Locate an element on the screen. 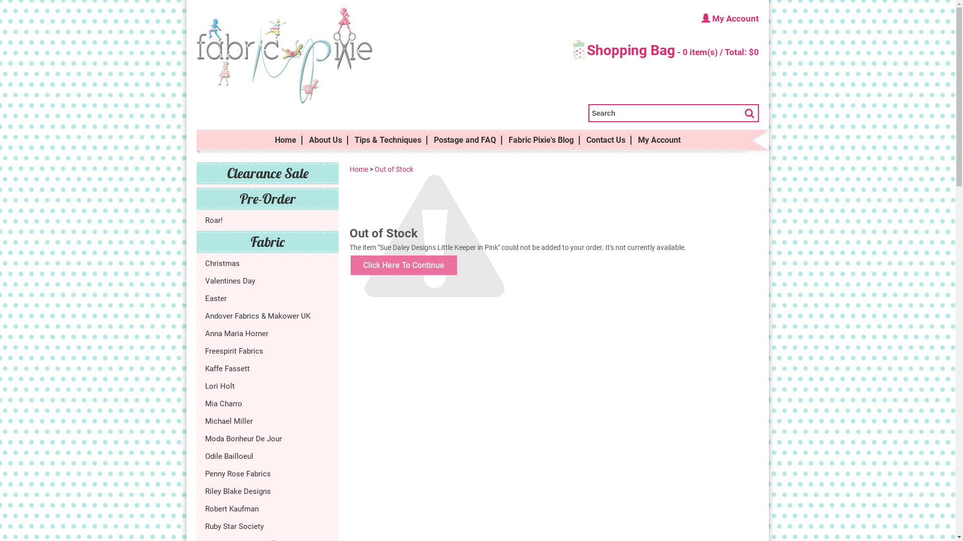  'Fabric' is located at coordinates (267, 241).